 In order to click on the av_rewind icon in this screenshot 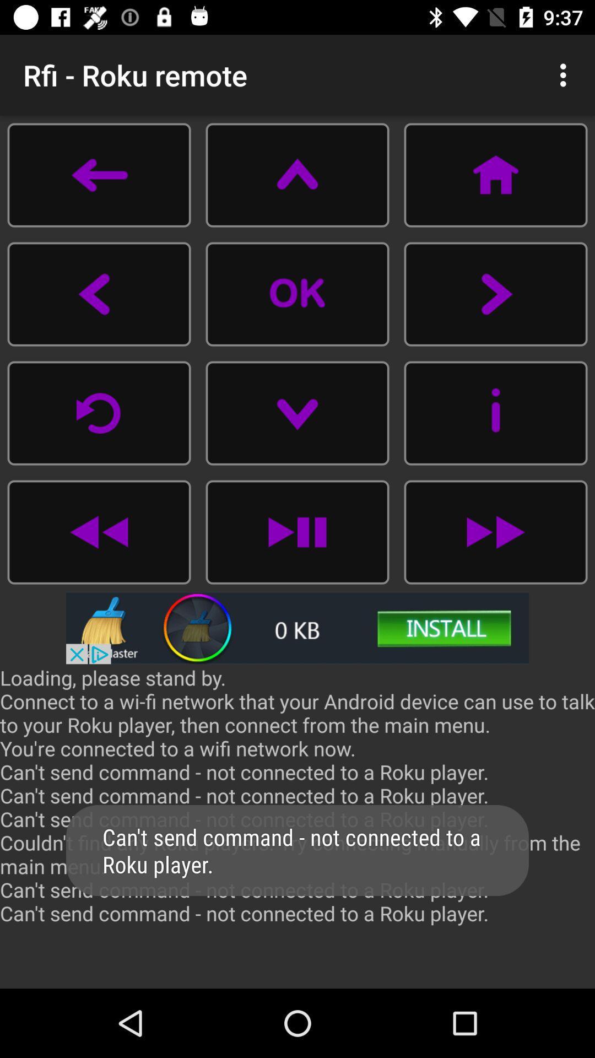, I will do `click(99, 532)`.